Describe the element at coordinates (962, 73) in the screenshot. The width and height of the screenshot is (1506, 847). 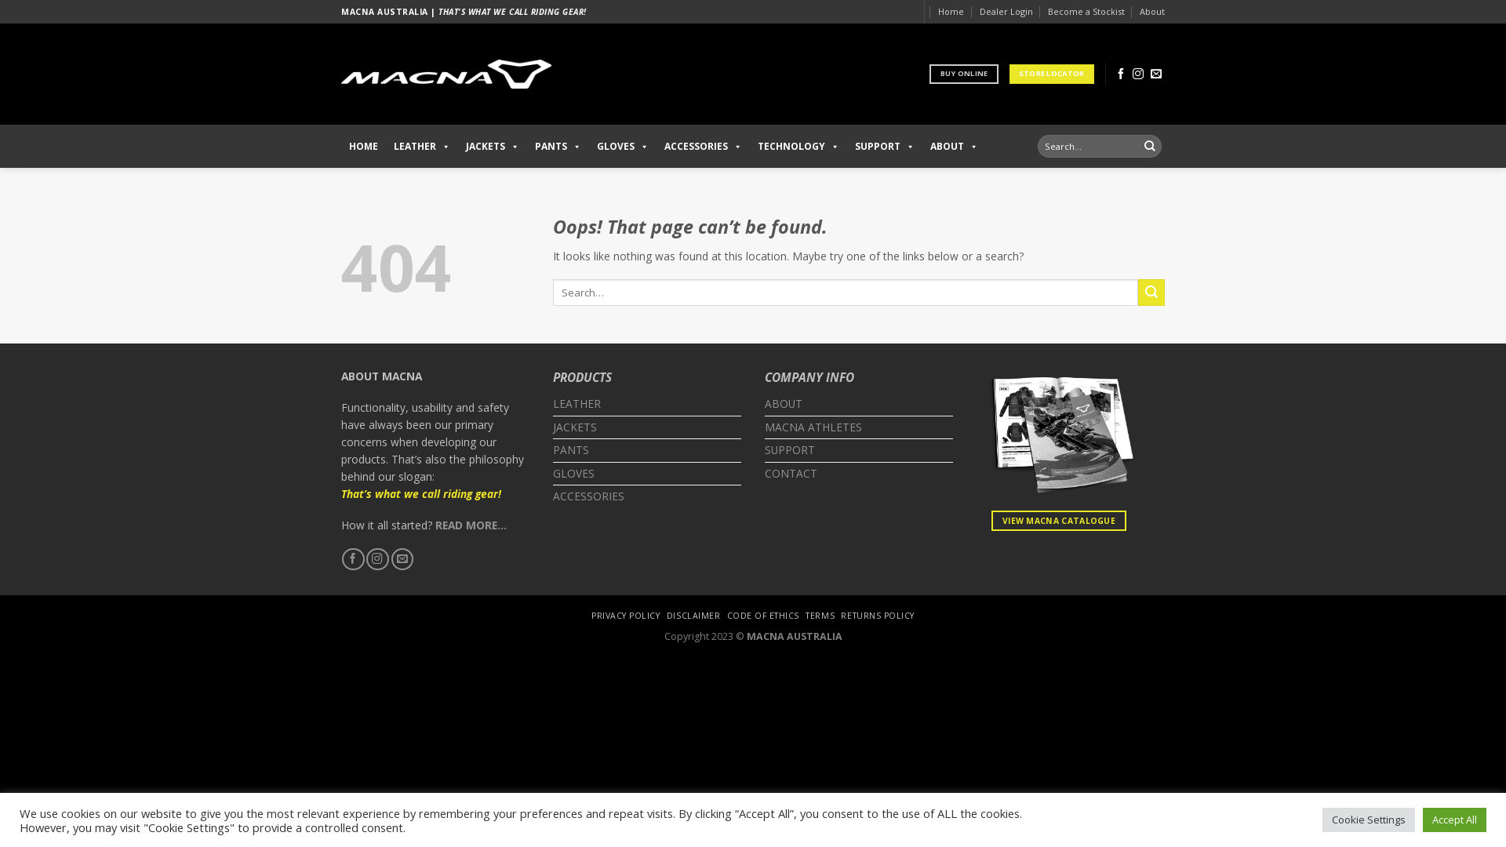
I see `'BUY ONLINE'` at that location.